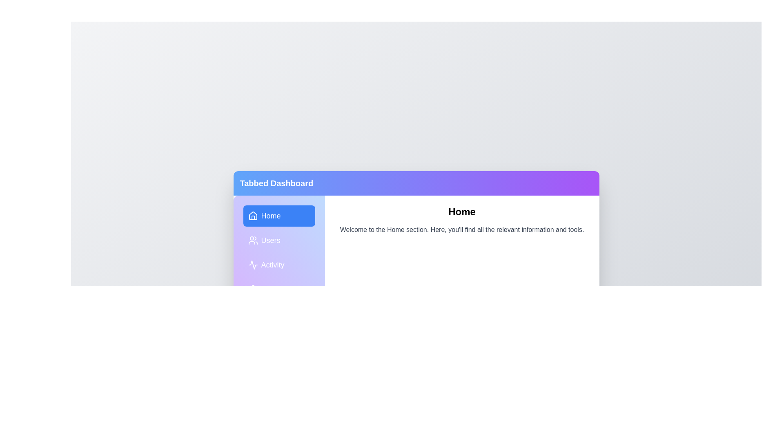 The image size is (784, 441). Describe the element at coordinates (279, 240) in the screenshot. I see `the Users tab by clicking on it` at that location.